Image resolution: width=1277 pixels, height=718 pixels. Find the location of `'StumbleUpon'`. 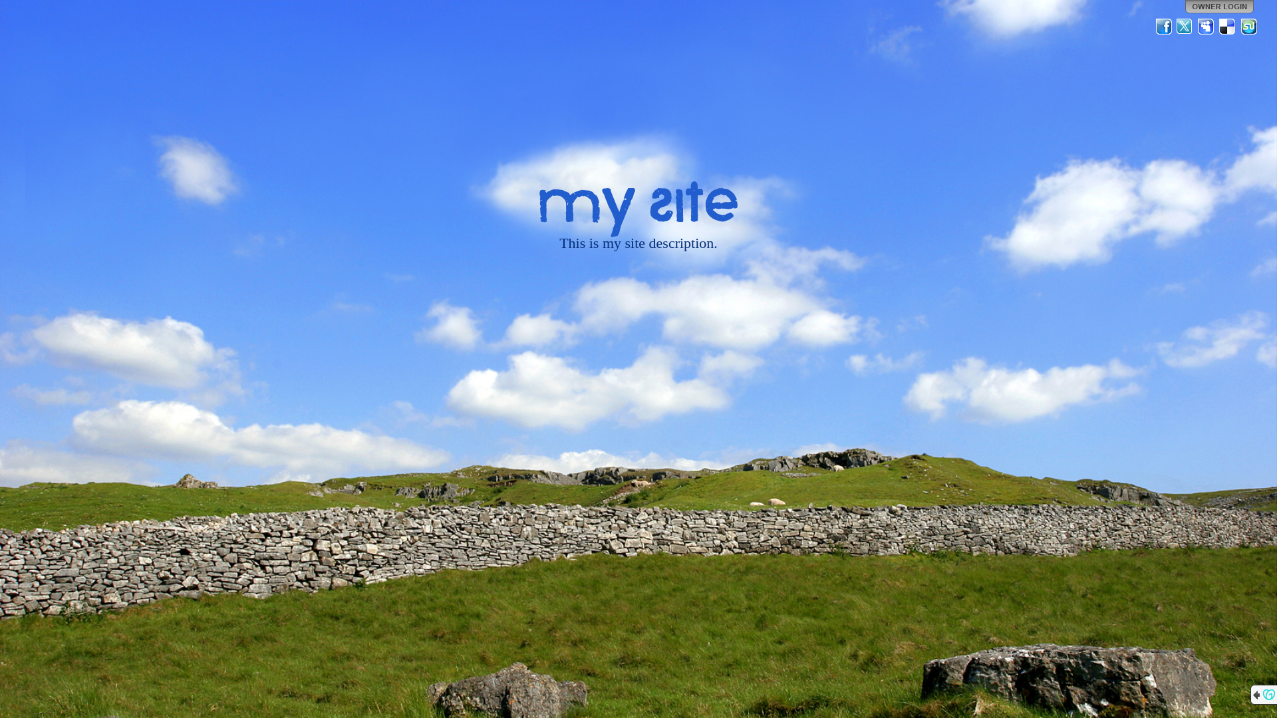

'StumbleUpon' is located at coordinates (1248, 26).